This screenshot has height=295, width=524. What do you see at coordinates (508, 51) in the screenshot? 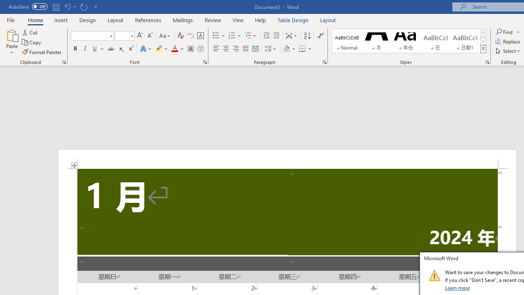
I see `'Select'` at bounding box center [508, 51].